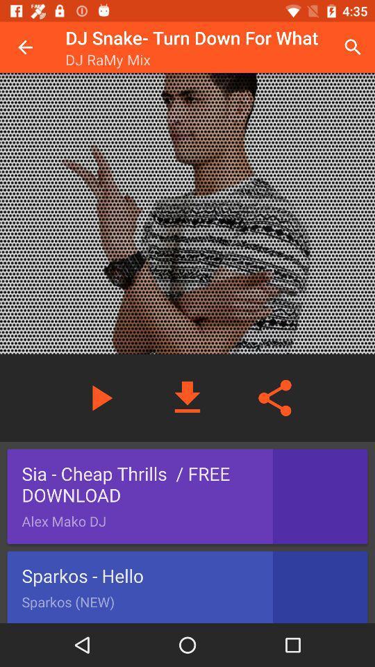 Image resolution: width=375 pixels, height=667 pixels. Describe the element at coordinates (353, 47) in the screenshot. I see `icon next to the dj snake turn` at that location.